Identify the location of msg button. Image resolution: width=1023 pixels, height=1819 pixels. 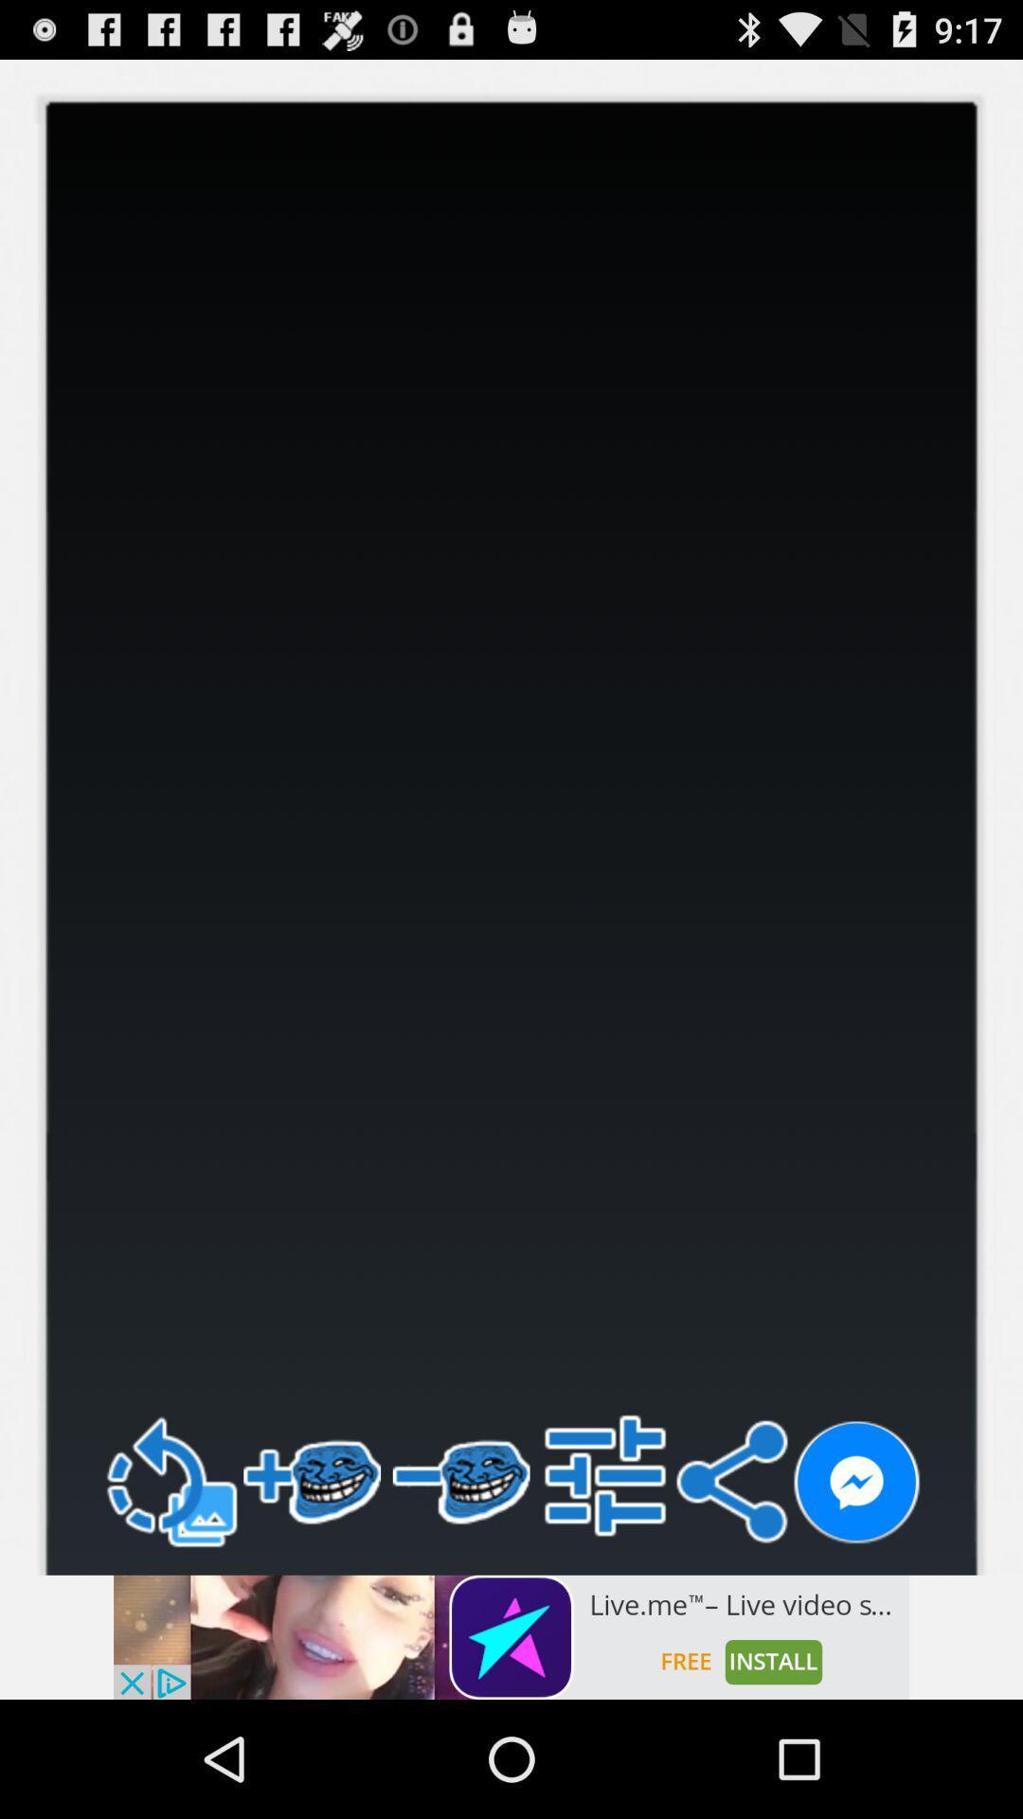
(856, 1482).